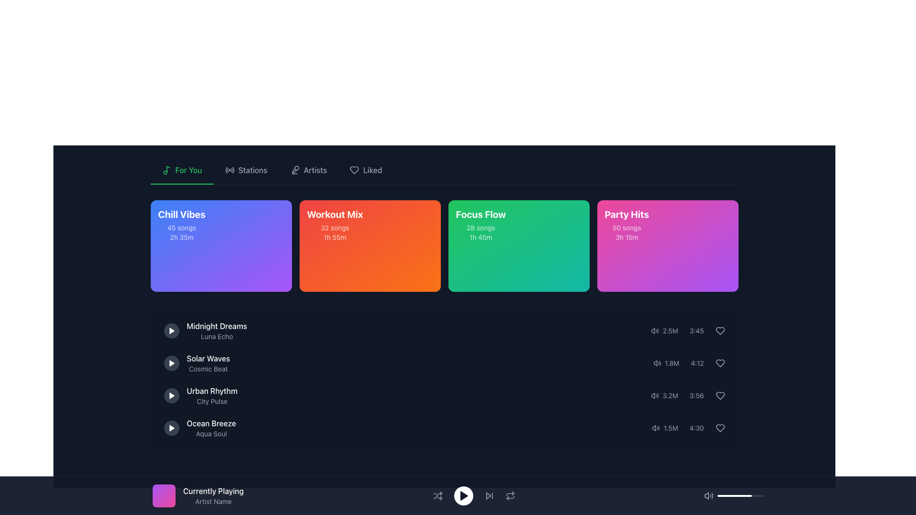 Image resolution: width=916 pixels, height=515 pixels. What do you see at coordinates (751, 495) in the screenshot?
I see `the slider` at bounding box center [751, 495].